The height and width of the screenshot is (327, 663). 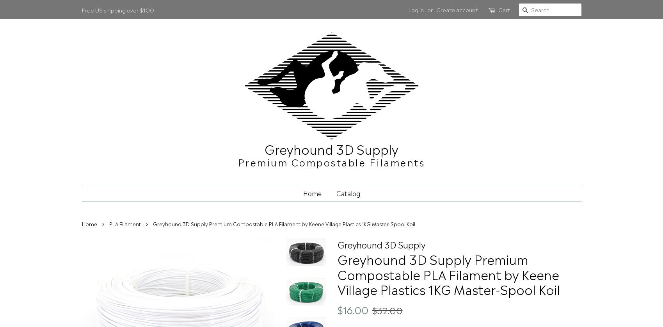 I want to click on '$16.00', so click(x=336, y=309).